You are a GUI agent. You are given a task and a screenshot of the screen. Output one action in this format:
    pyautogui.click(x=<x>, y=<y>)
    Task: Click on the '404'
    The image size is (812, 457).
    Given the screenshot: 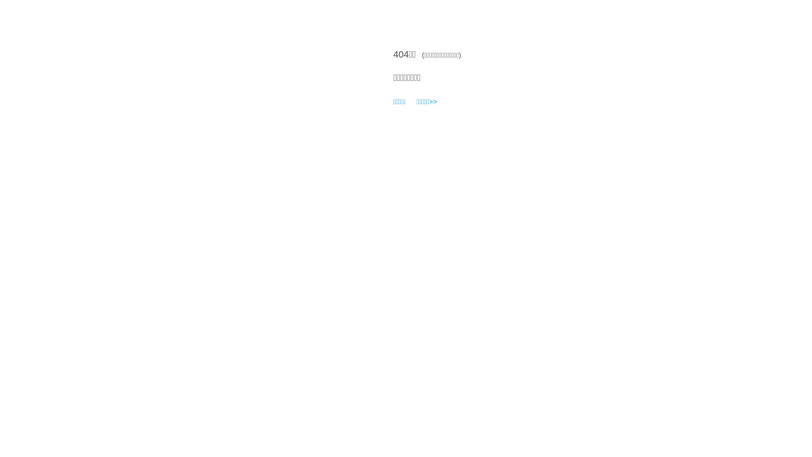 What is the action you would take?
    pyautogui.click(x=393, y=54)
    